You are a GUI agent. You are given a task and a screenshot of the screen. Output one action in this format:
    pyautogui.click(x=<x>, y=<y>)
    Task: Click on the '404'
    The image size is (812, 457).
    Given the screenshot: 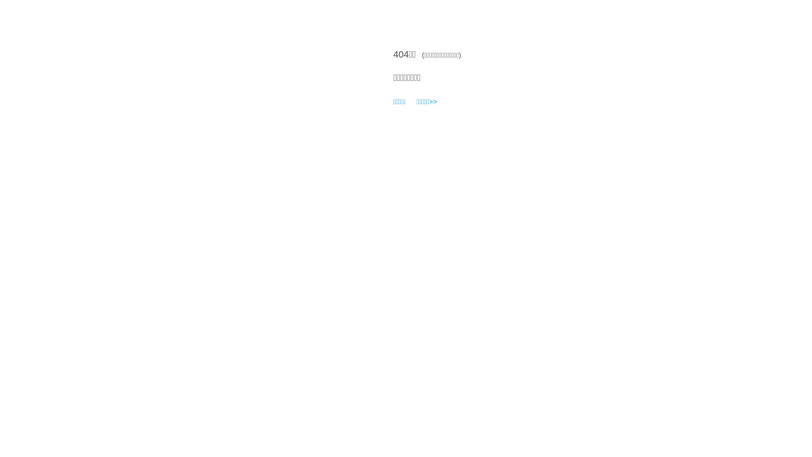 What is the action you would take?
    pyautogui.click(x=393, y=54)
    